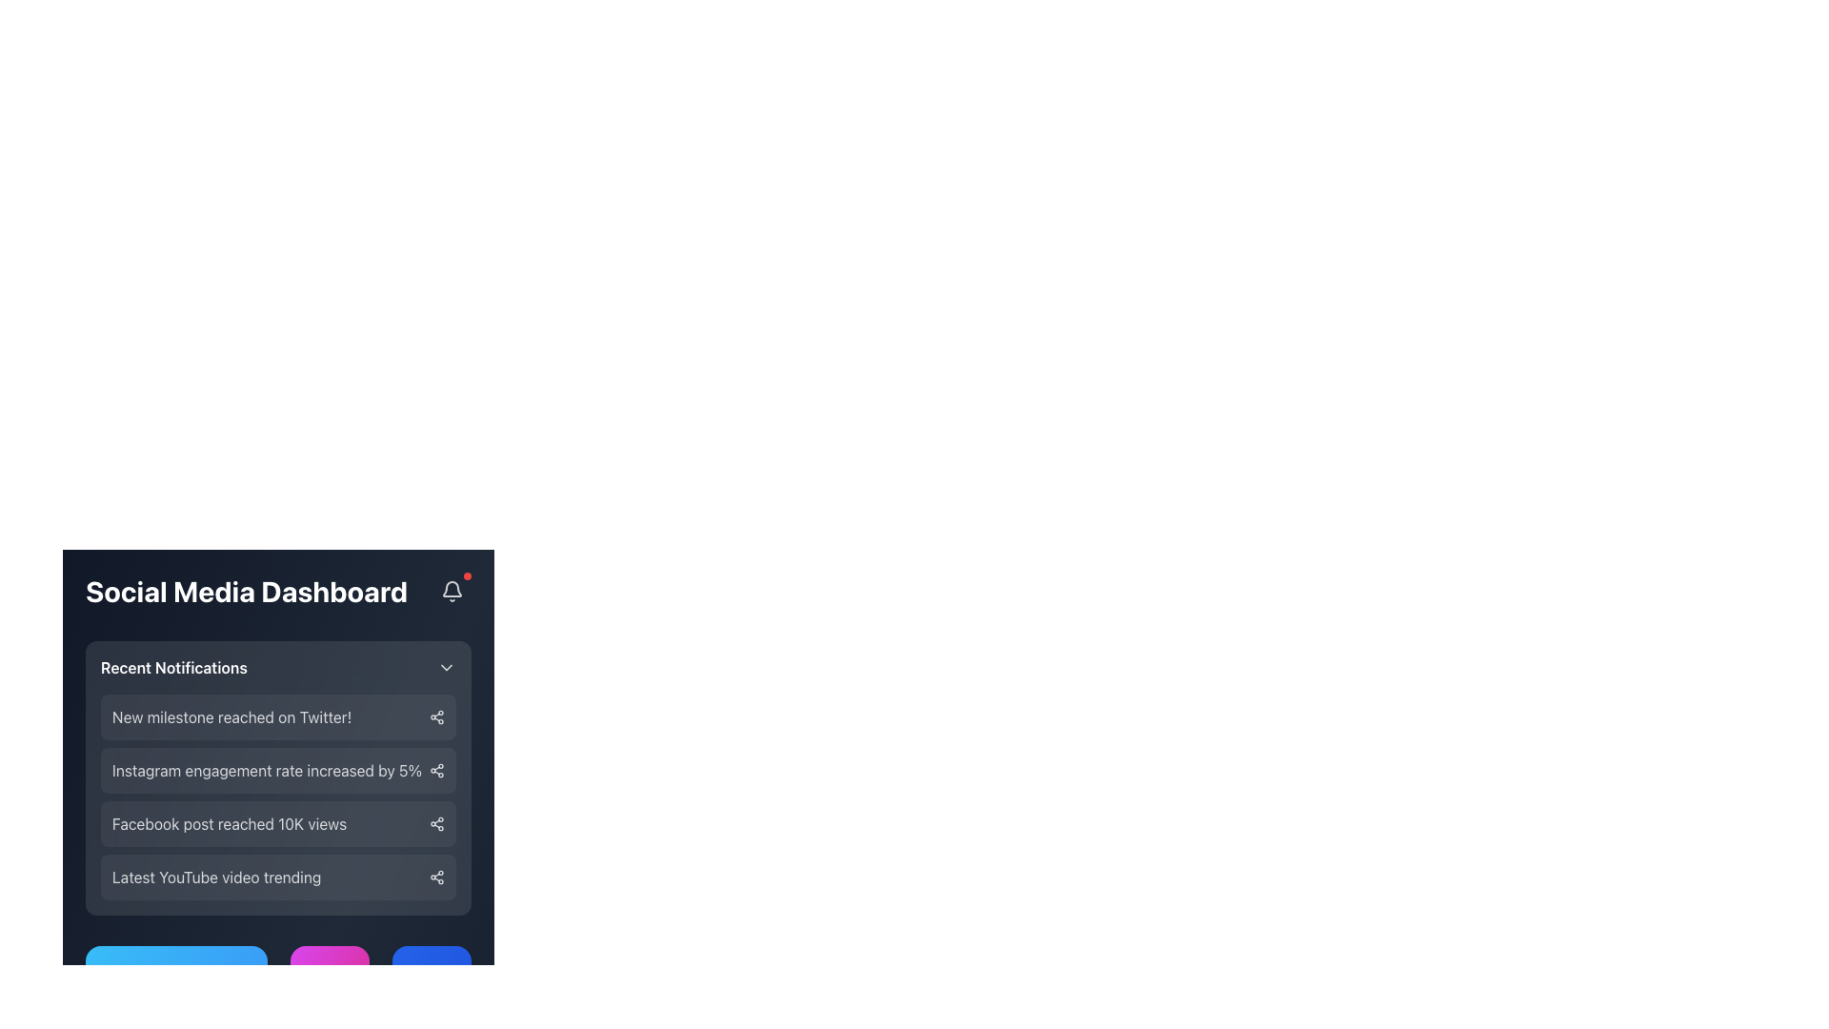 The image size is (1829, 1029). Describe the element at coordinates (277, 778) in the screenshot. I see `the second notification card in the 'Recent Notifications' section of the 'Social Media Dashboard' that notifies about an increase in Instagram engagement rate` at that location.